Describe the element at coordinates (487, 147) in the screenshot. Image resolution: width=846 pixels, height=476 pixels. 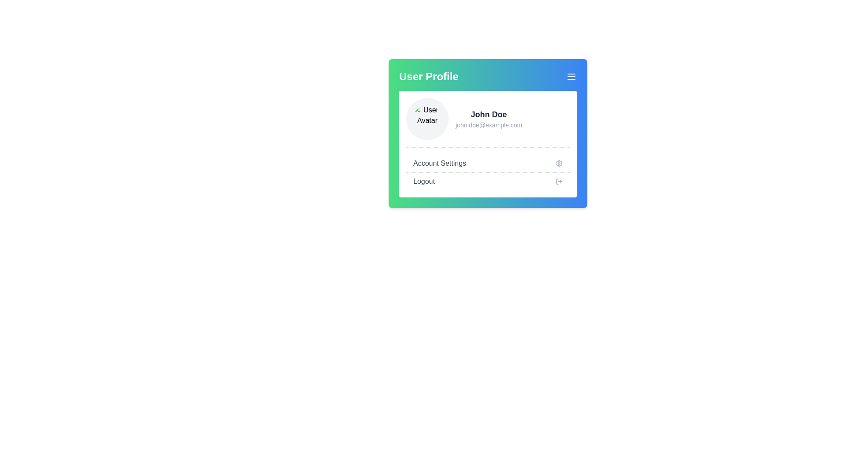
I see `the Divider element that visually separates the user's profile information from the list of actionable items below it` at that location.